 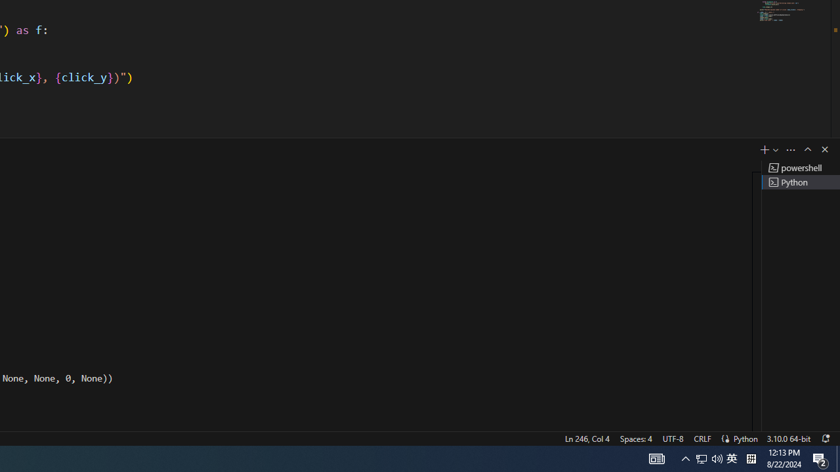 What do you see at coordinates (776, 149) in the screenshot?
I see `'Launch Profile...'` at bounding box center [776, 149].